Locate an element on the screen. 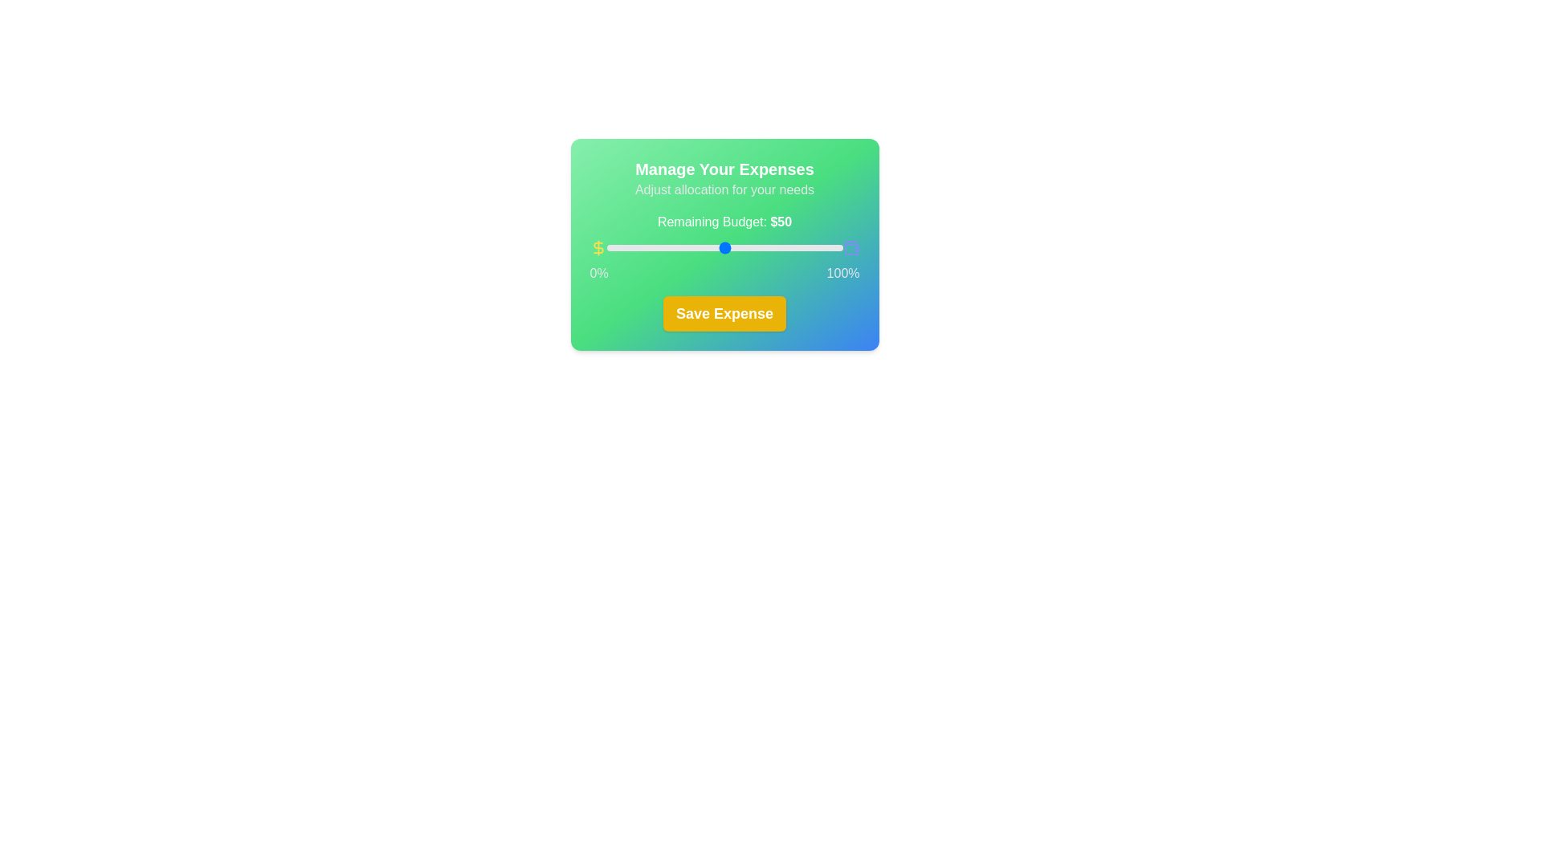 The image size is (1542, 867). the slider to set the budget allocation to 33% is located at coordinates (684, 247).